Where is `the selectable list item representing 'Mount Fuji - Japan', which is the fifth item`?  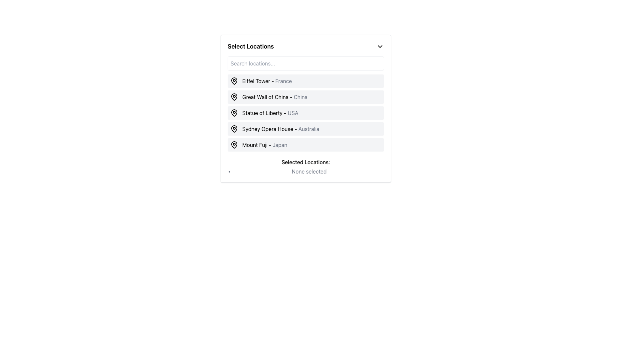 the selectable list item representing 'Mount Fuji - Japan', which is the fifth item is located at coordinates (305, 144).